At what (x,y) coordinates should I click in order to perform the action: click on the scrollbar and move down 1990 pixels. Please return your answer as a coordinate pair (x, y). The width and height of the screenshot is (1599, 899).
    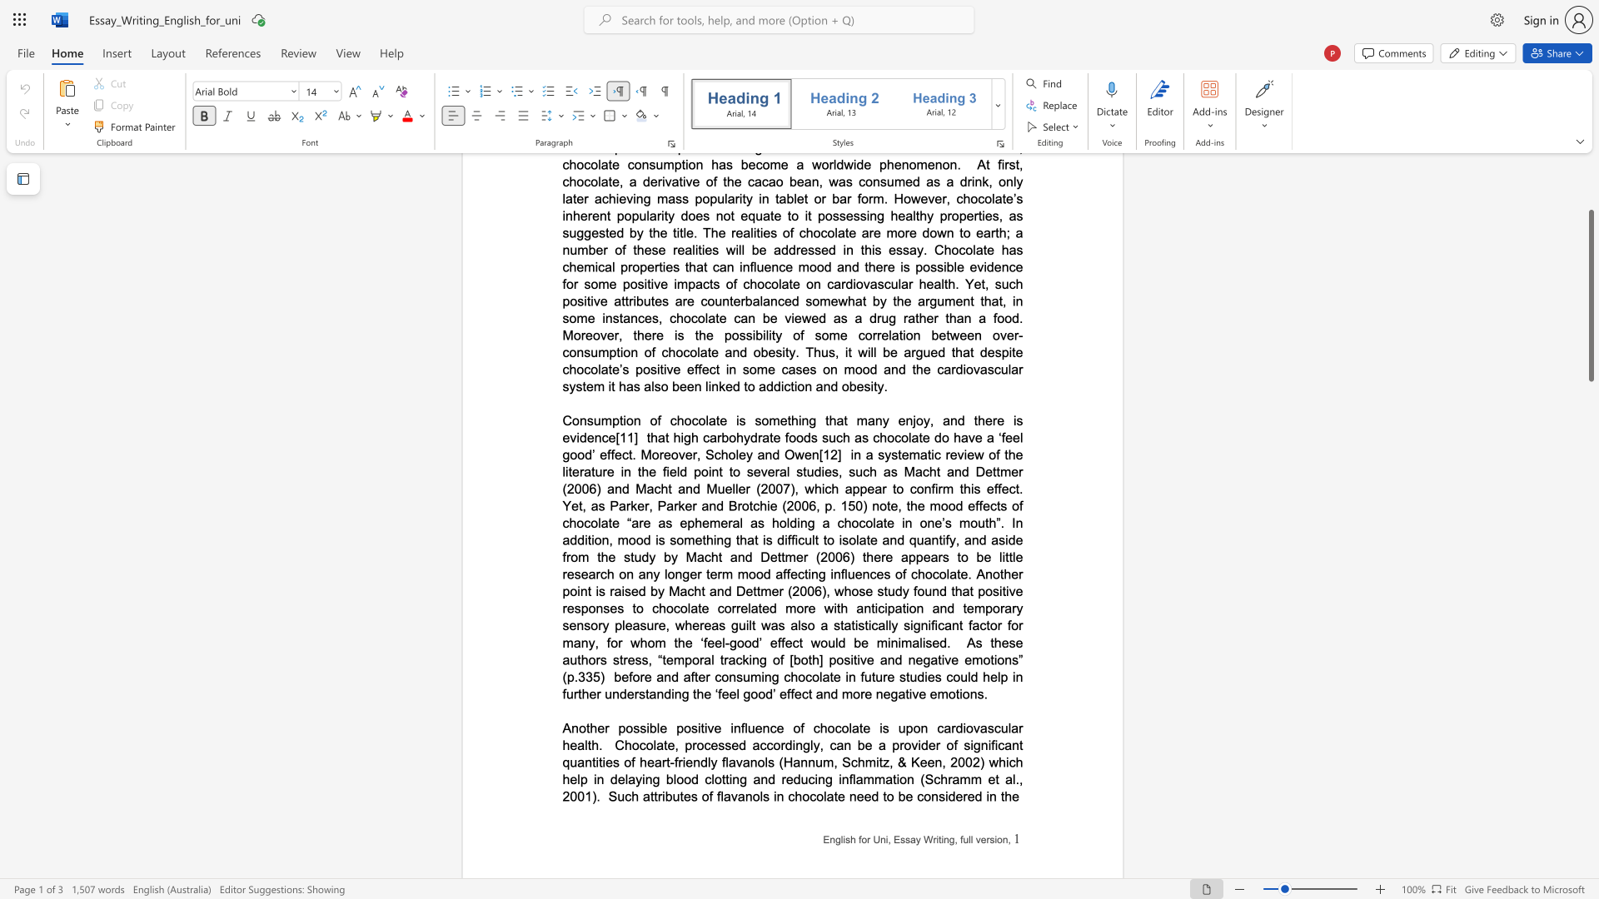
    Looking at the image, I should click on (1590, 295).